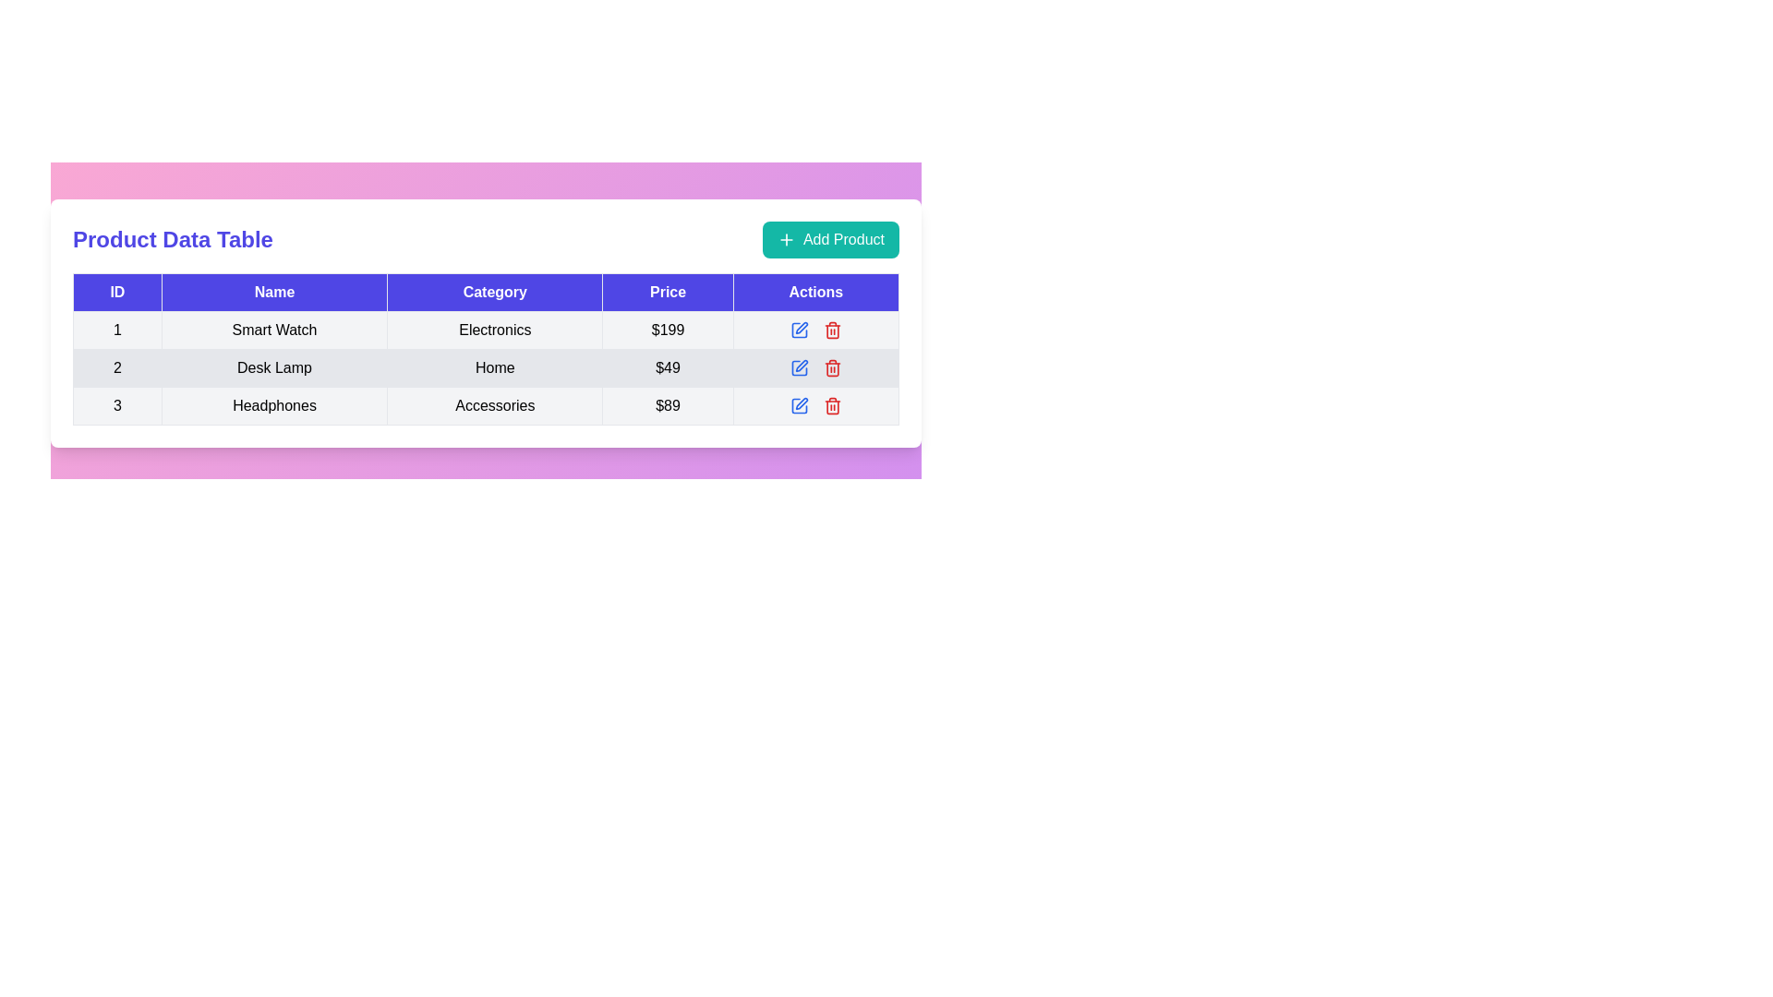 The image size is (1773, 997). Describe the element at coordinates (831, 404) in the screenshot. I see `the red trash icon button, which is the third icon in the 'Actions' column of the table, located to the right of the 'Headphones' row in the third row` at that location.